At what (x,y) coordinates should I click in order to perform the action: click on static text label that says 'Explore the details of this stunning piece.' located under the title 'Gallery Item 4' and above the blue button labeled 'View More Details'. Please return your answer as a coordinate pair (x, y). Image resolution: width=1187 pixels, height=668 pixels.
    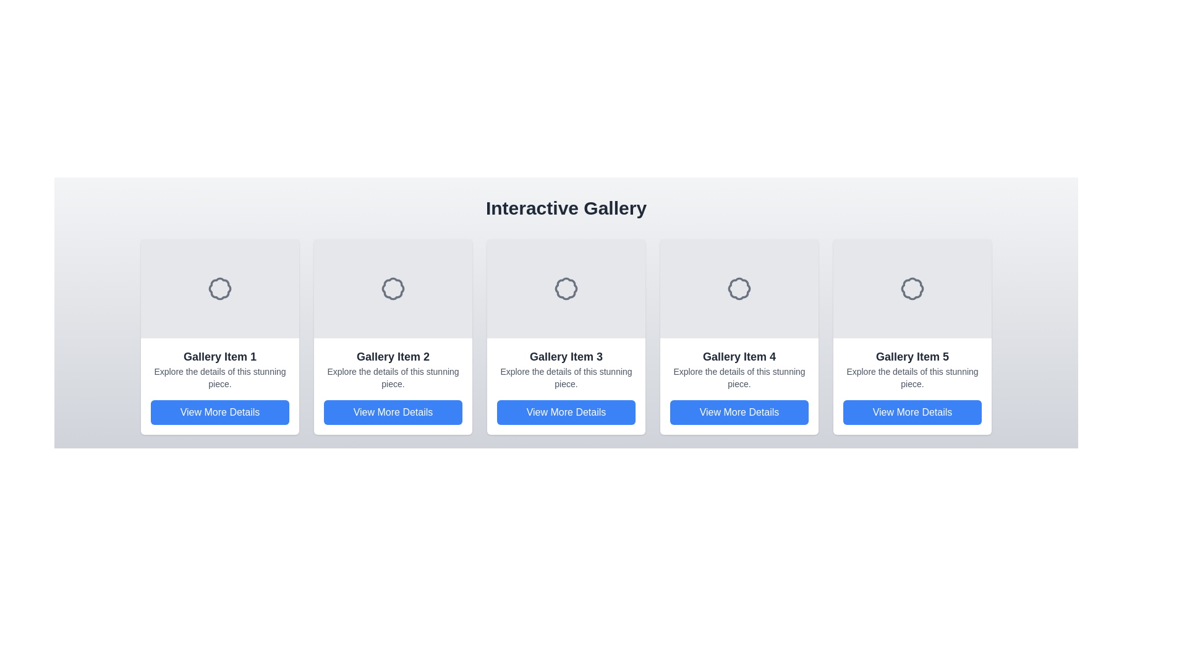
    Looking at the image, I should click on (739, 377).